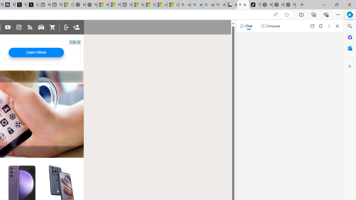  What do you see at coordinates (266, 5) in the screenshot?
I see `'Nordace - Best Sellers'` at bounding box center [266, 5].